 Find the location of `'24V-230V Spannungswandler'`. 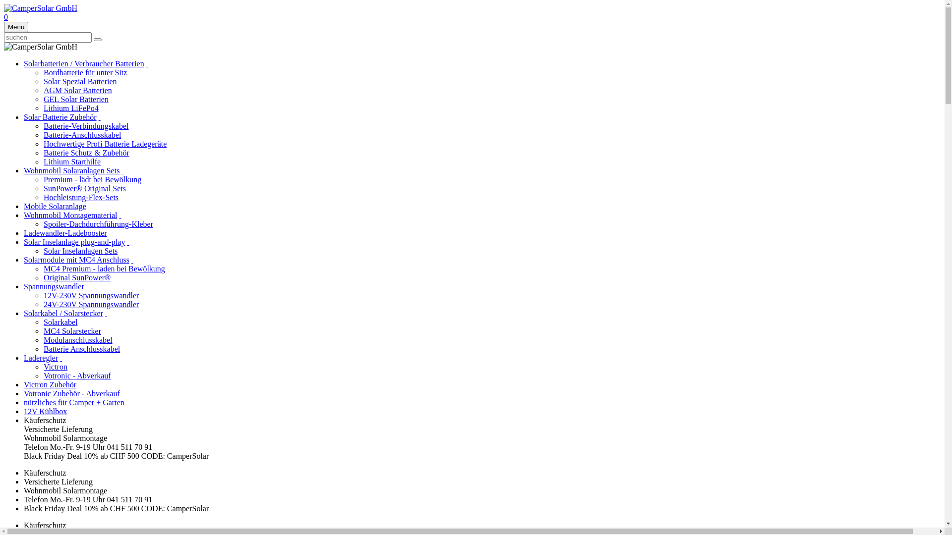

'24V-230V Spannungswandler' is located at coordinates (43, 304).